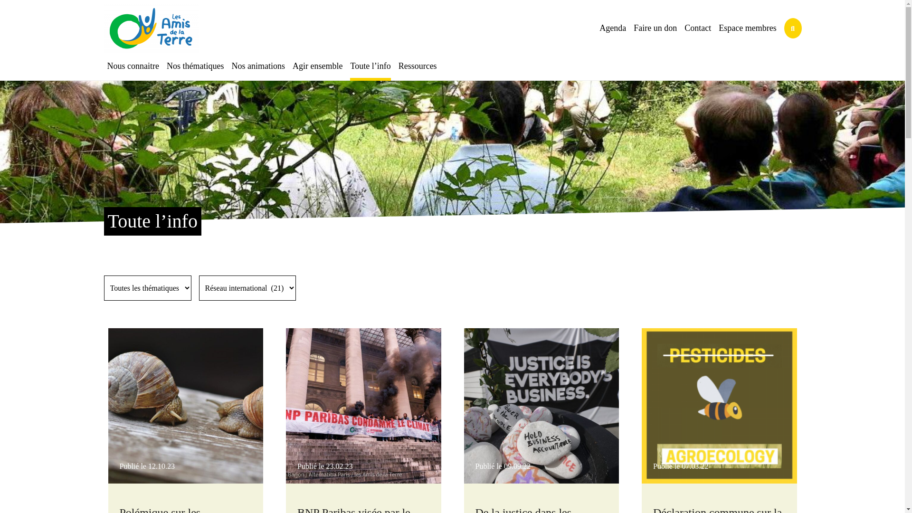 The image size is (912, 513). Describe the element at coordinates (227, 66) in the screenshot. I see `'Nos animations'` at that location.